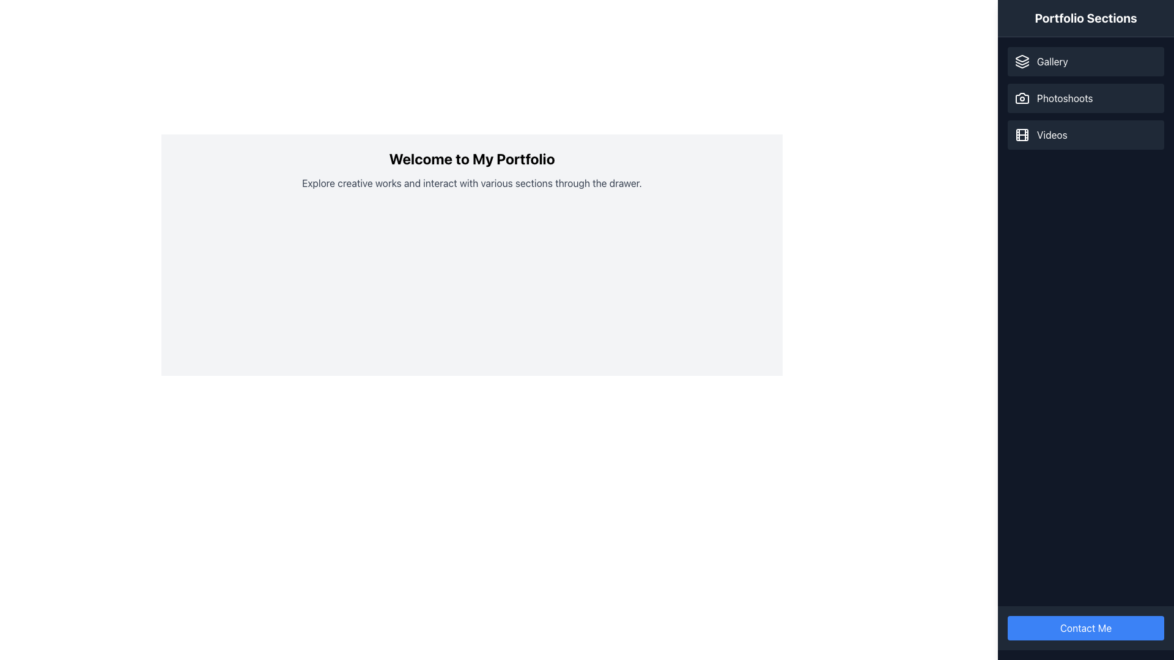 This screenshot has height=660, width=1174. Describe the element at coordinates (1022, 98) in the screenshot. I see `the camera icon located within the 'Photoshoots' button on the right side of the interface, which has a rounded rectangle frame and a circular lens` at that location.